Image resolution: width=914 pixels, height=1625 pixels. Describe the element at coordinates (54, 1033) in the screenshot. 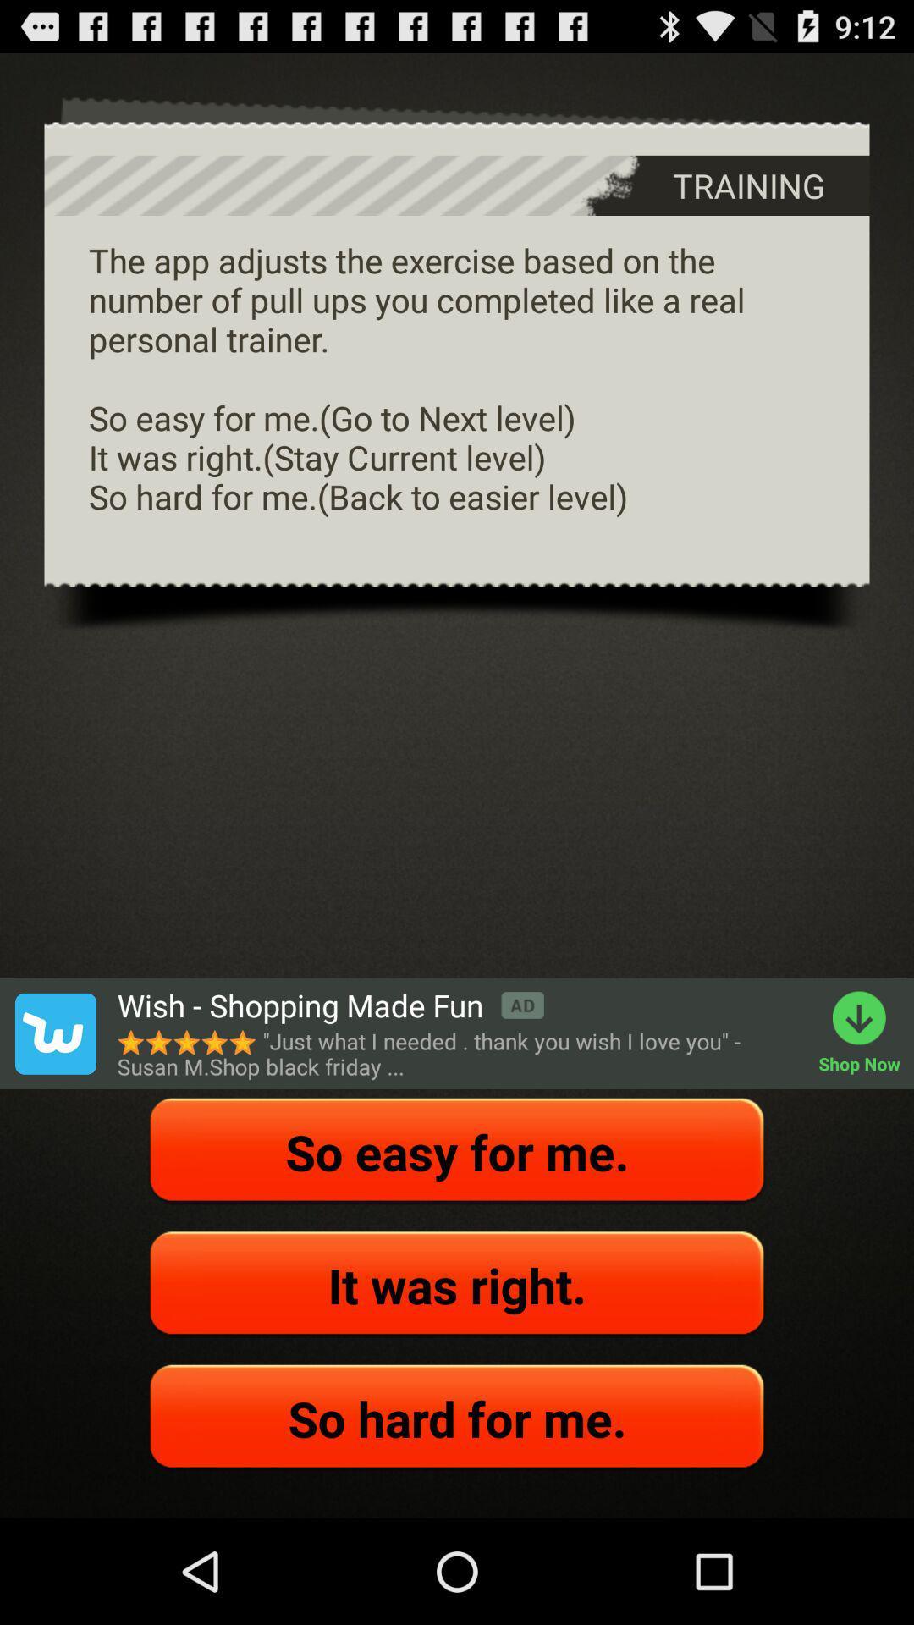

I see `app below the app adjusts item` at that location.